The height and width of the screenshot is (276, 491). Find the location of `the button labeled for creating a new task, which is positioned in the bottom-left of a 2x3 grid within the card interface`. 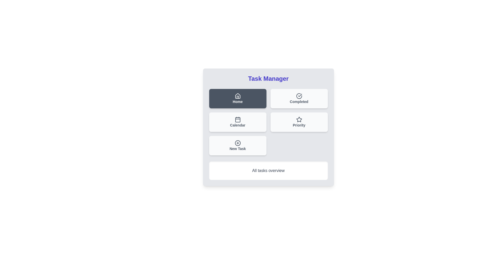

the button labeled for creating a new task, which is positioned in the bottom-left of a 2x3 grid within the card interface is located at coordinates (237, 149).